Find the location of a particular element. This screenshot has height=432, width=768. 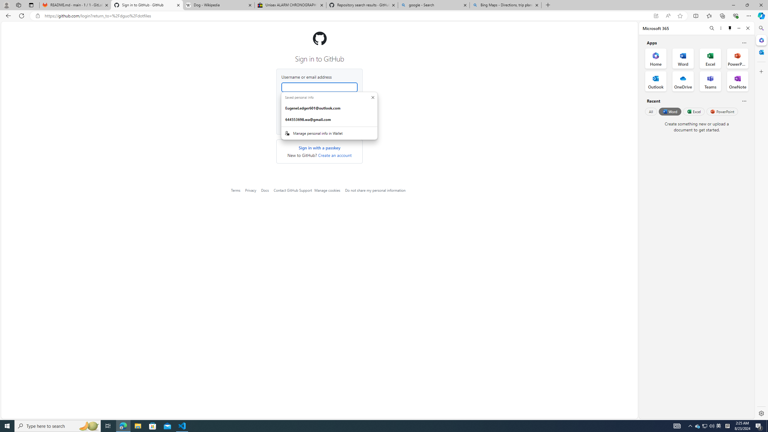

'OneNote Office App' is located at coordinates (737, 81).